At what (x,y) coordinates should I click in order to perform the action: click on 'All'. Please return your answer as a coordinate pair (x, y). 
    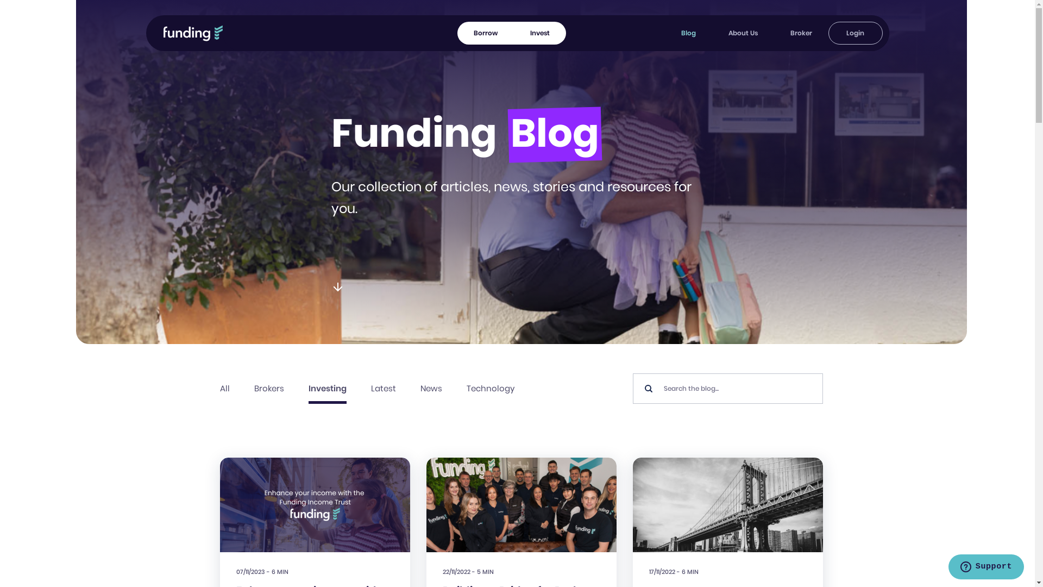
    Looking at the image, I should click on (219, 388).